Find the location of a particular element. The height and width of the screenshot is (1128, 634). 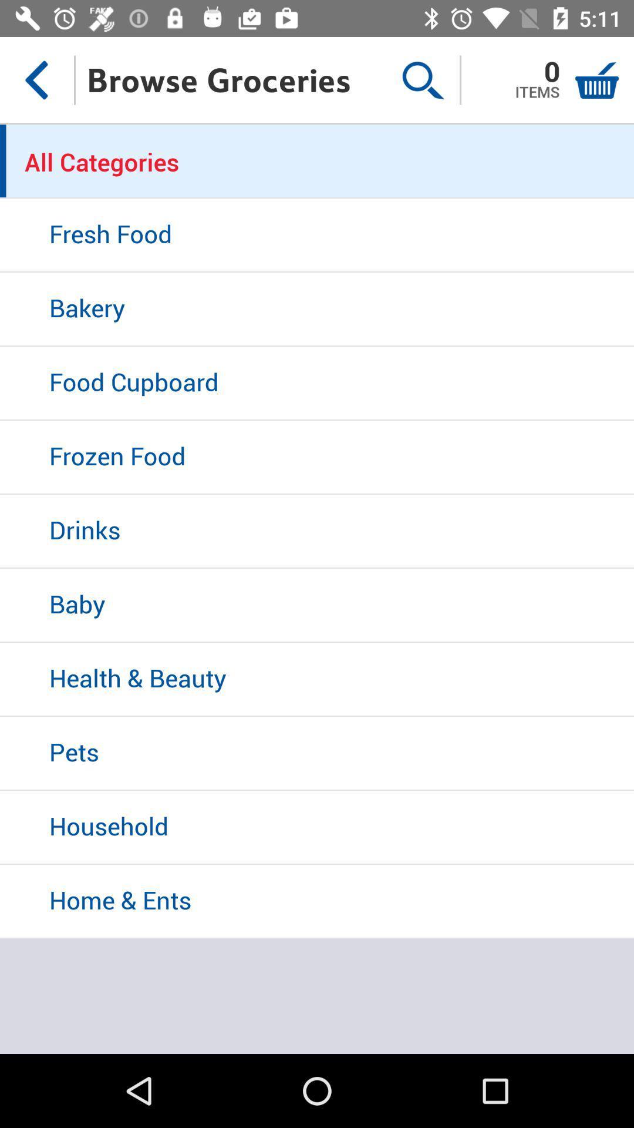

icon above frozen food item is located at coordinates (317, 384).